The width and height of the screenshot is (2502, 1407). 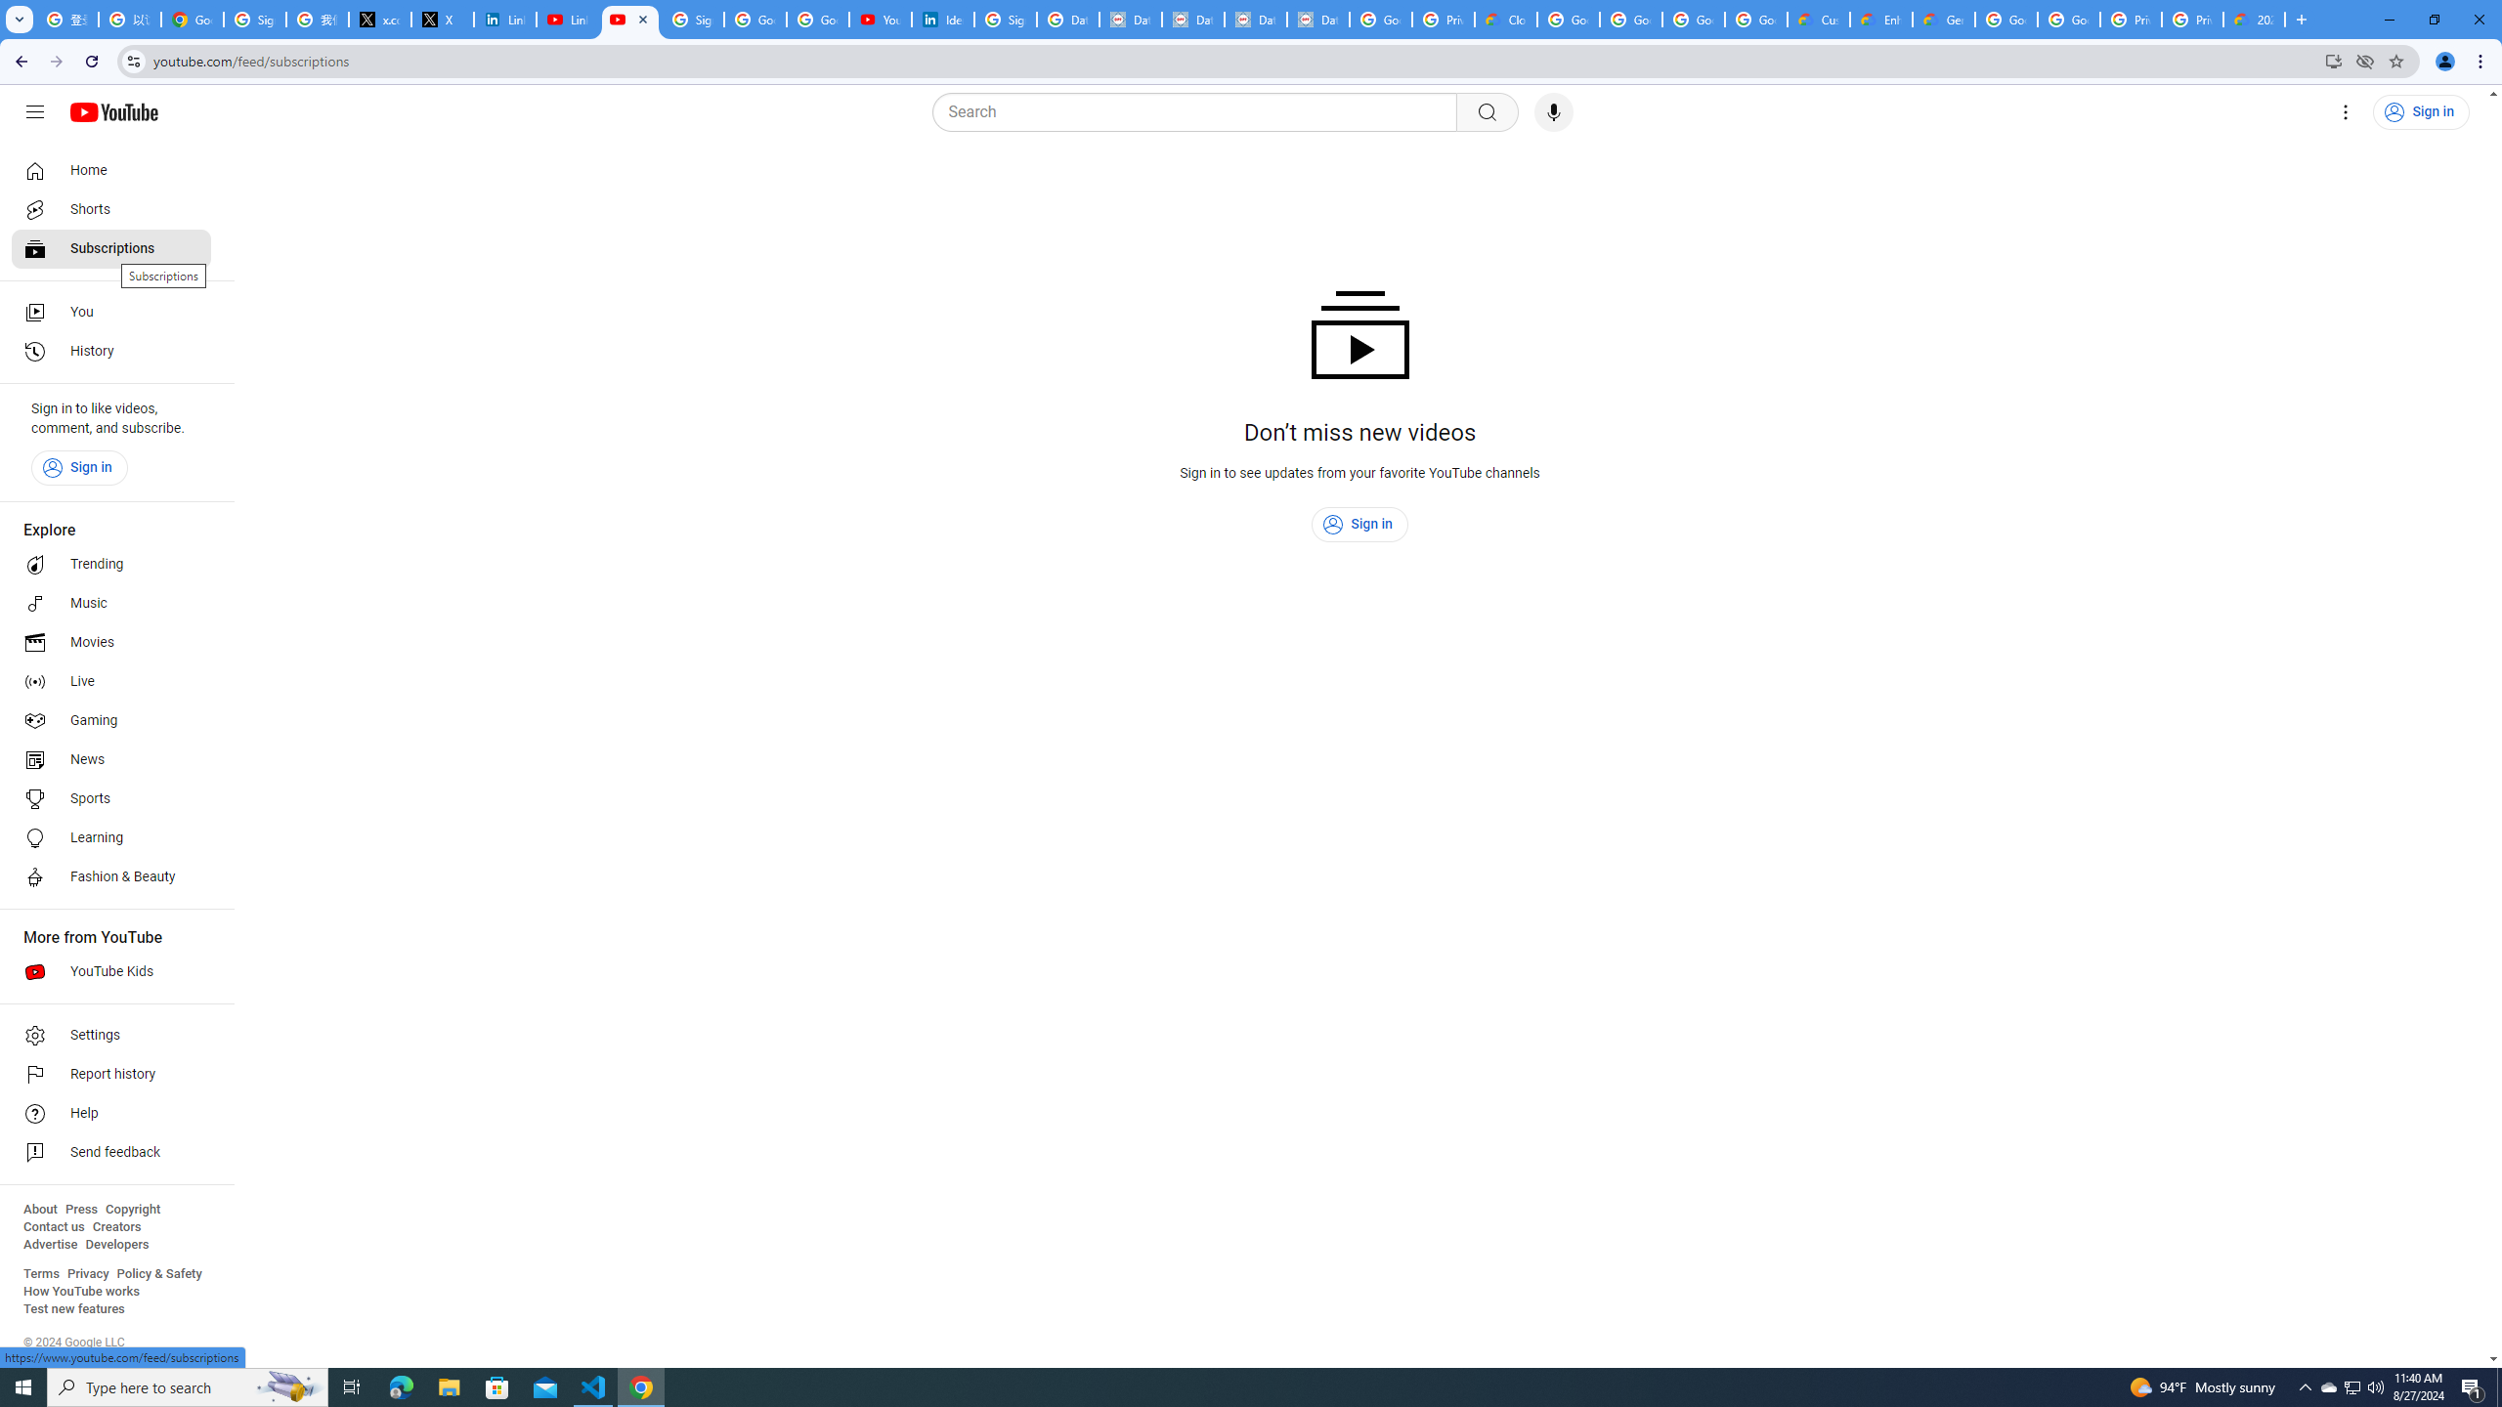 I want to click on 'YouTube Kids', so click(x=110, y=972).